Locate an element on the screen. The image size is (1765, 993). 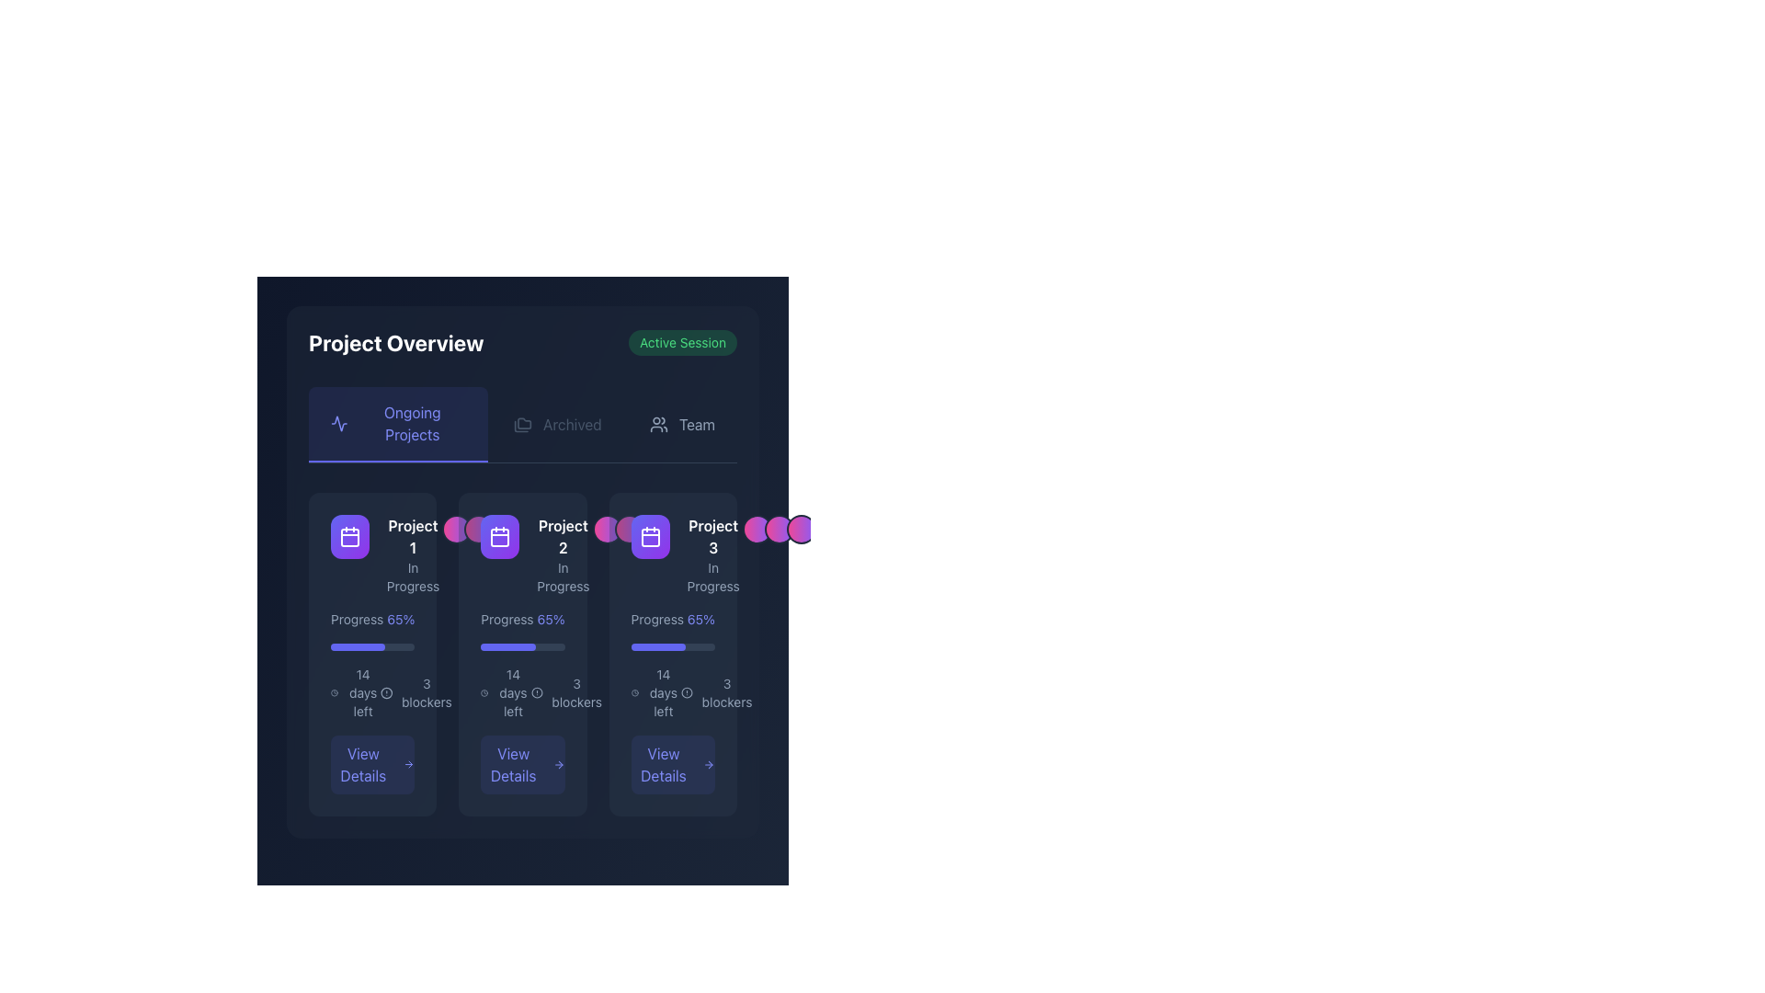
the square button with a gradient background and a white calendar icon at the center, located in the 'Ongoing Projects' section of 'Project 3' is located at coordinates (650, 536).